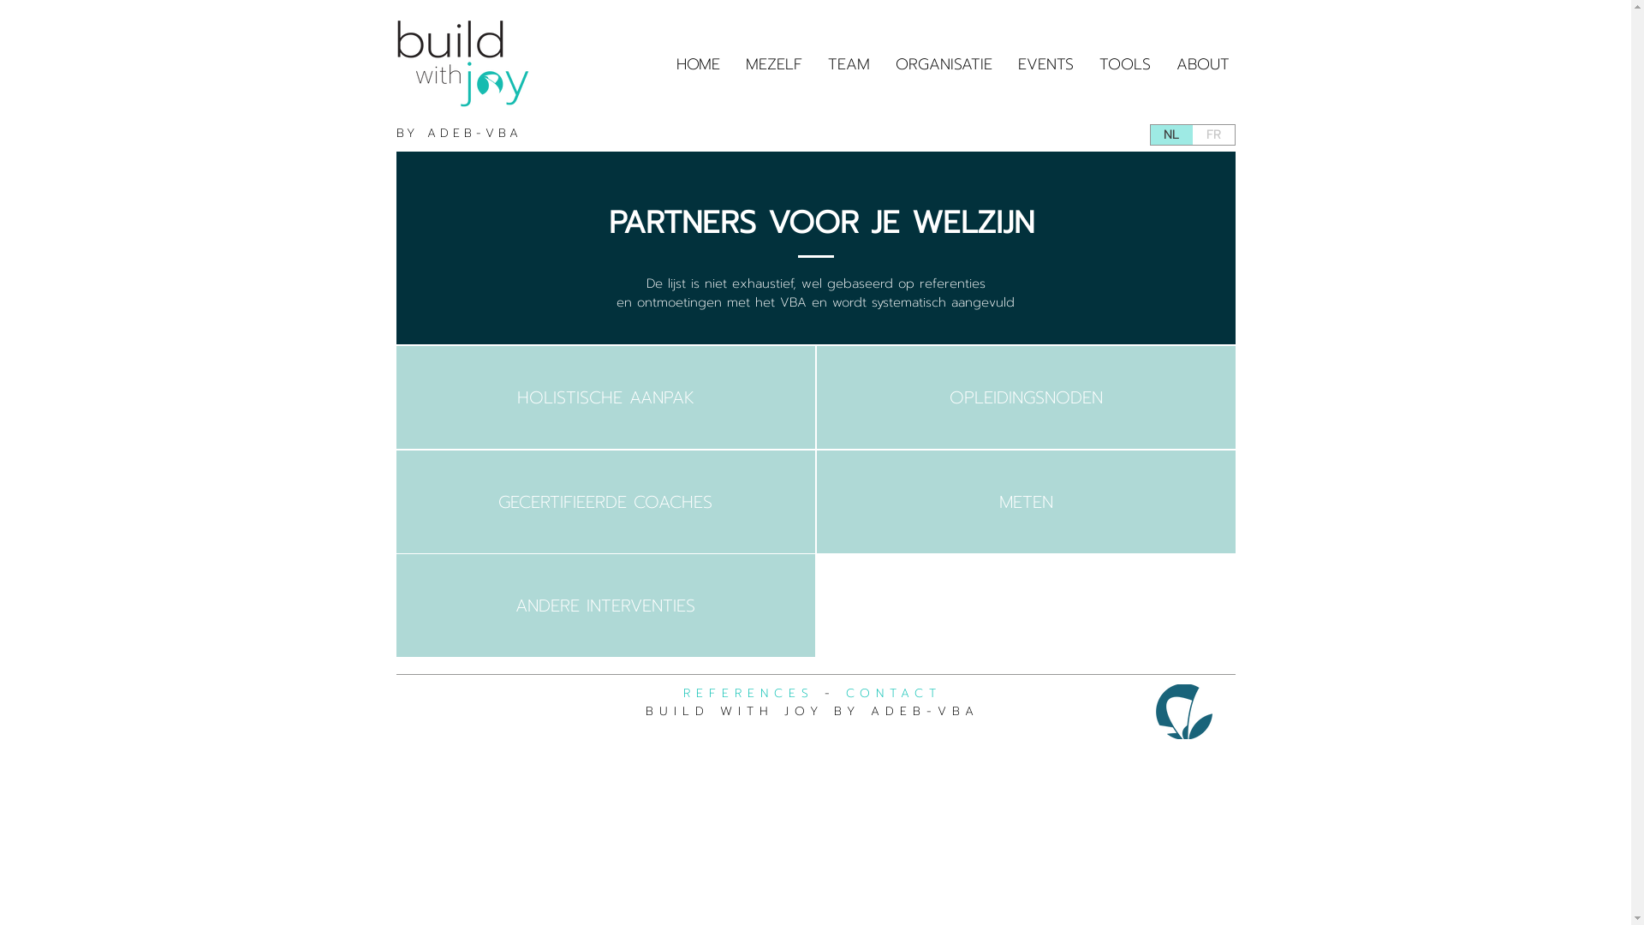 The height and width of the screenshot is (925, 1644). Describe the element at coordinates (1191, 134) in the screenshot. I see `'FR'` at that location.